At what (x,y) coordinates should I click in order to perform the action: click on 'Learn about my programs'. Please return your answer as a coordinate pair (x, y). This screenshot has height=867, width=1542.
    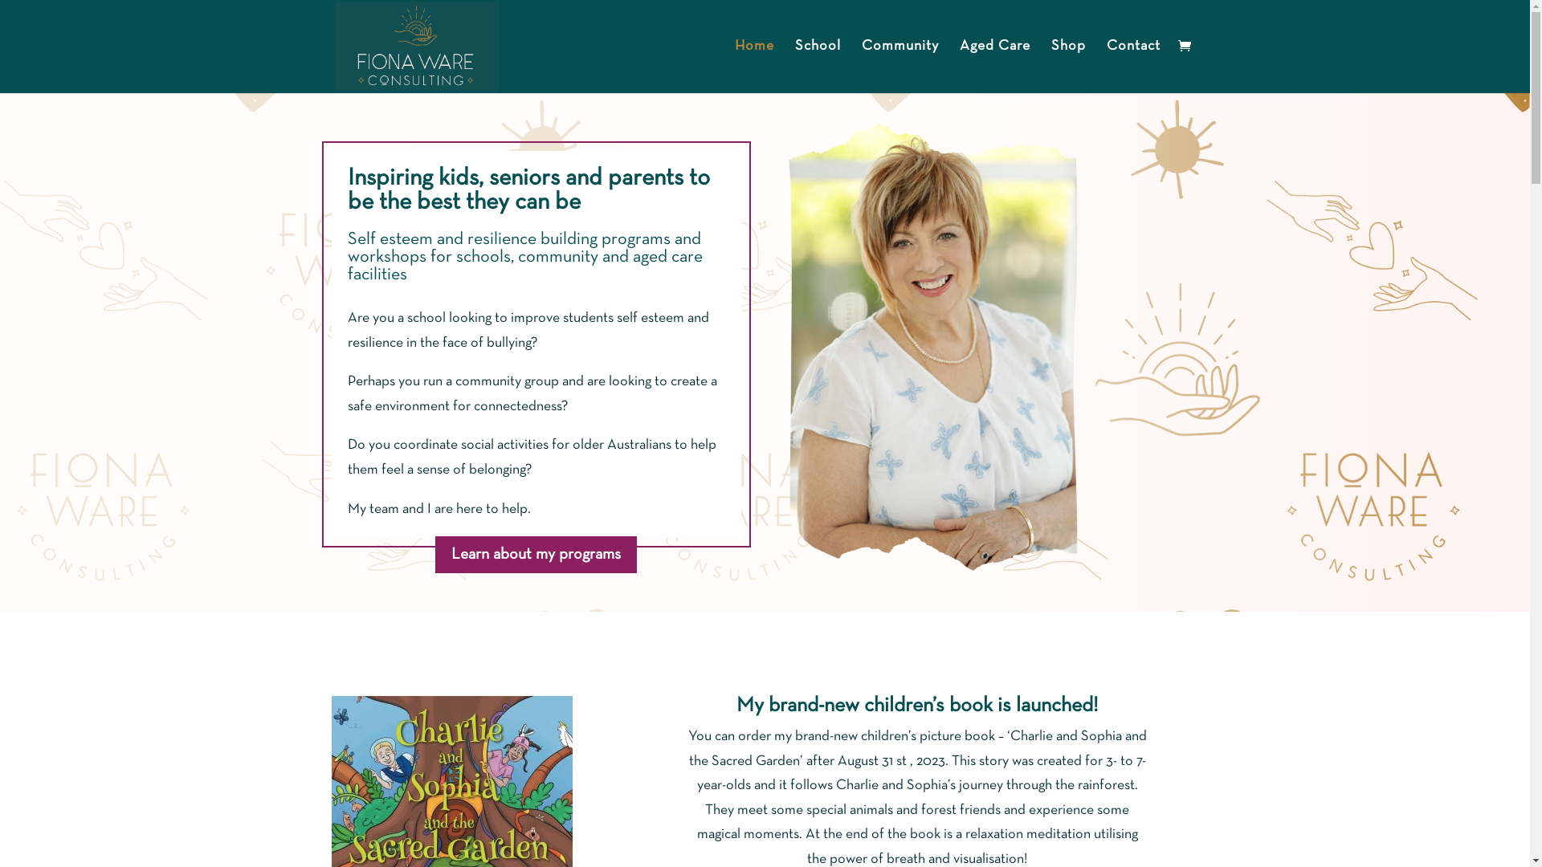
    Looking at the image, I should click on (536, 553).